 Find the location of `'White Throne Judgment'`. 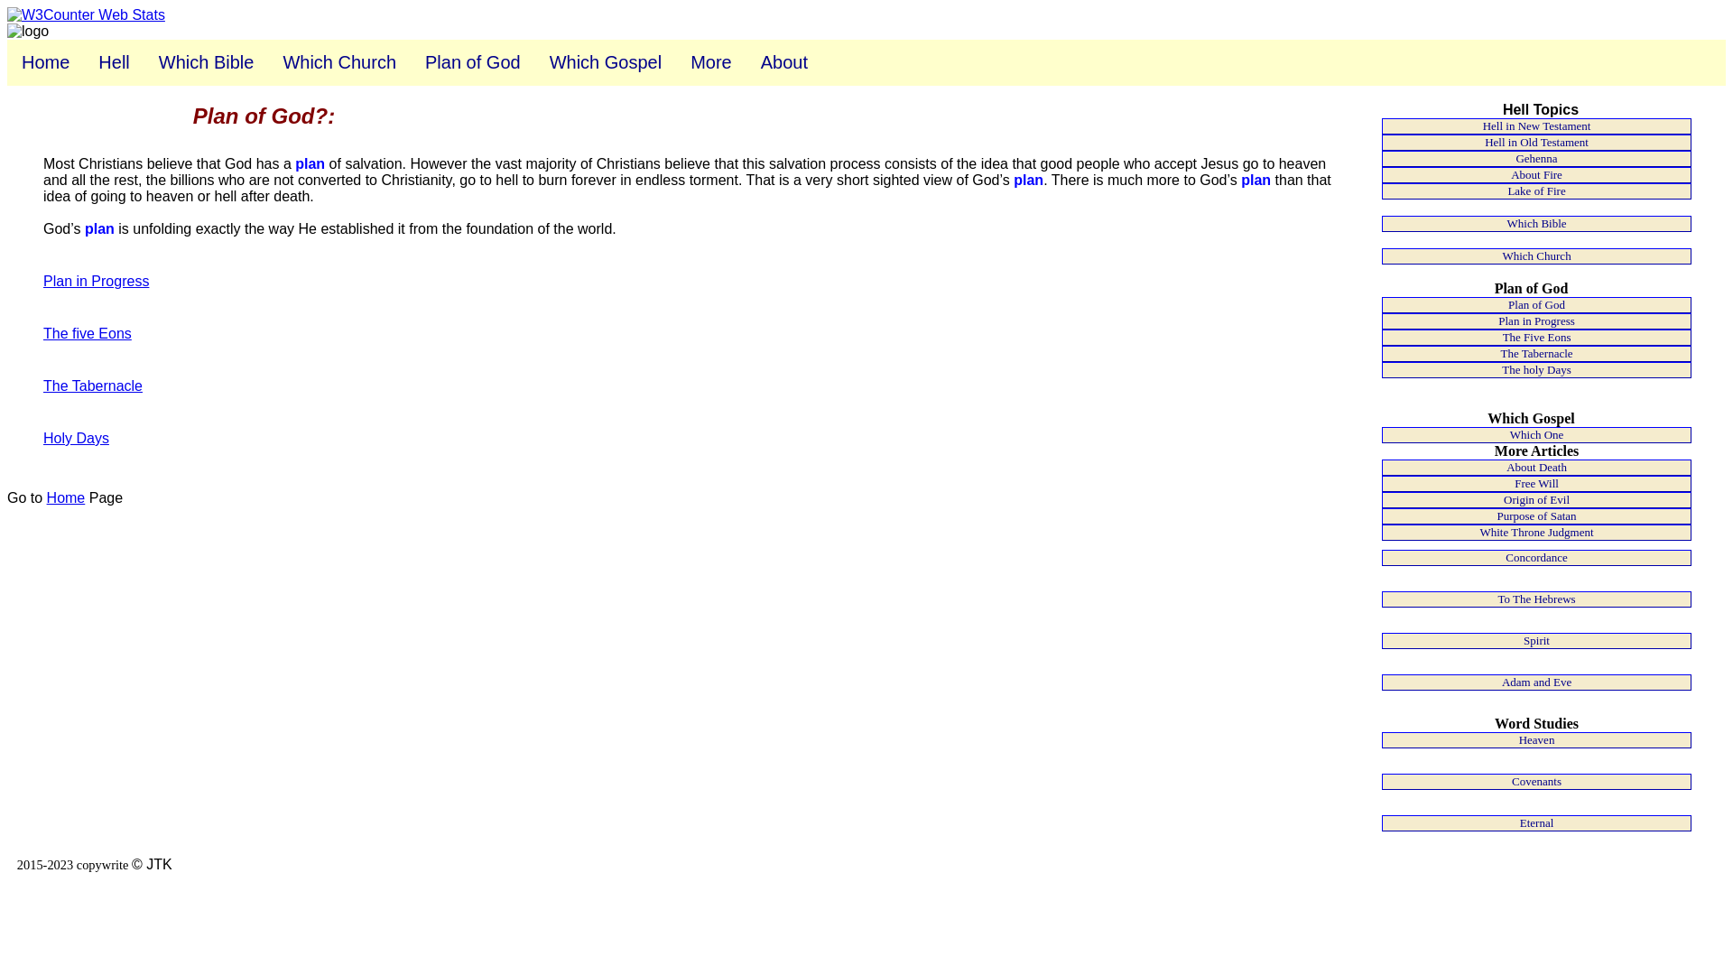

'White Throne Judgment' is located at coordinates (1535, 532).